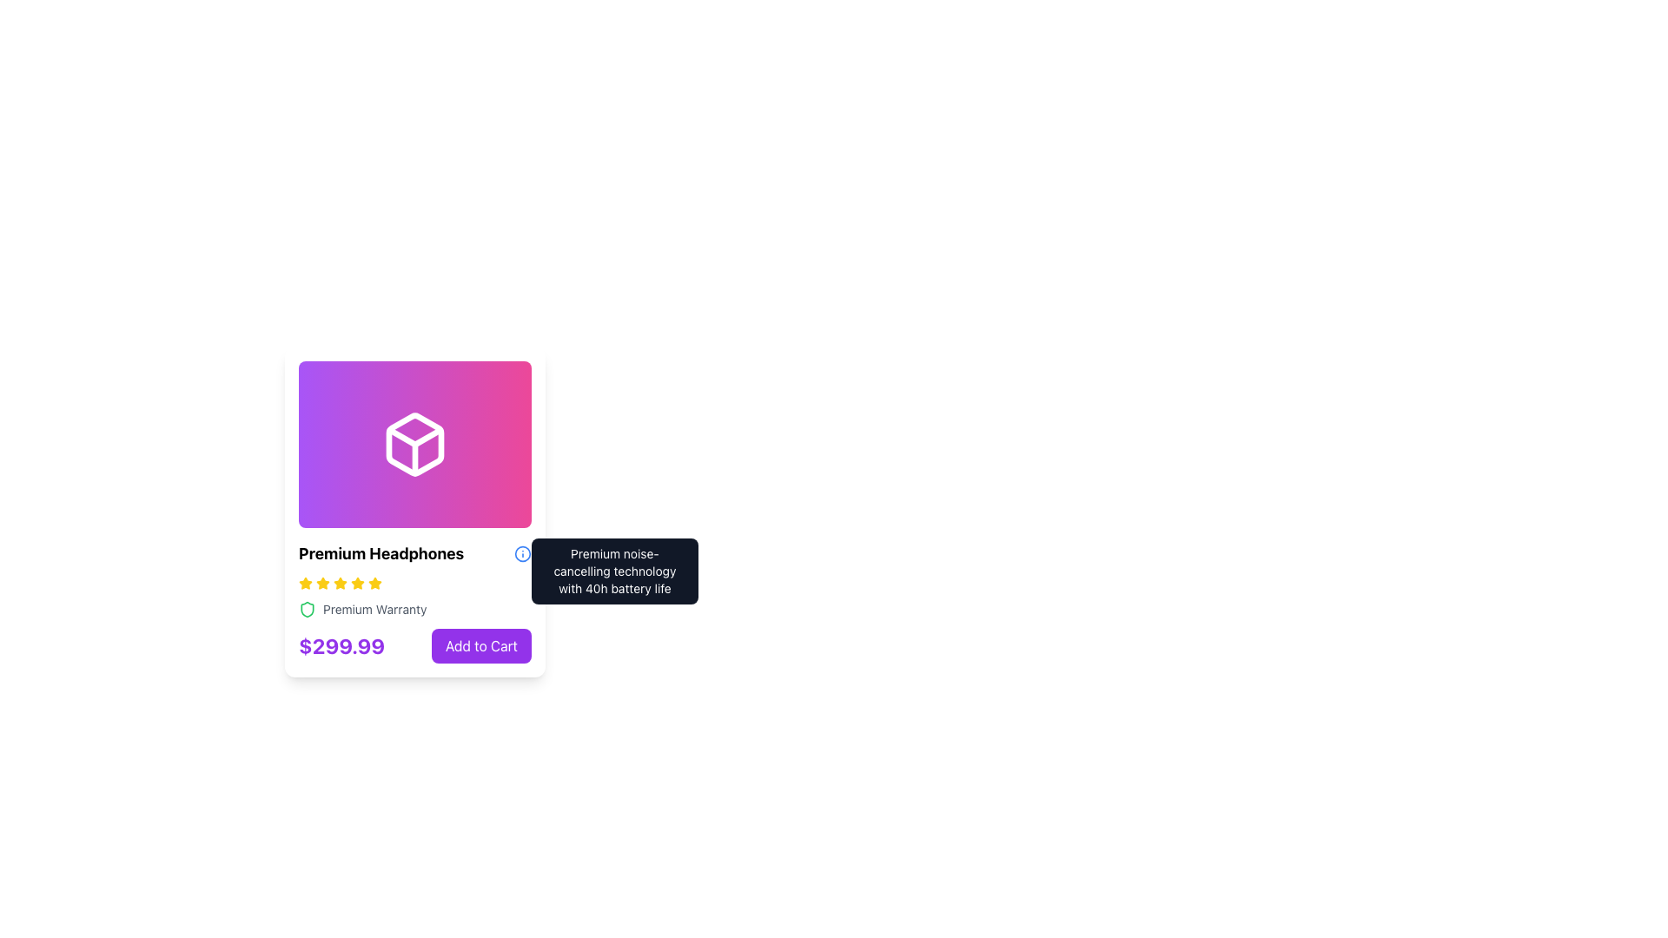  What do you see at coordinates (341, 583) in the screenshot?
I see `the fourth star icon in the visual rating system on the product card, located near the bottom-left corner close to the product price and description` at bounding box center [341, 583].